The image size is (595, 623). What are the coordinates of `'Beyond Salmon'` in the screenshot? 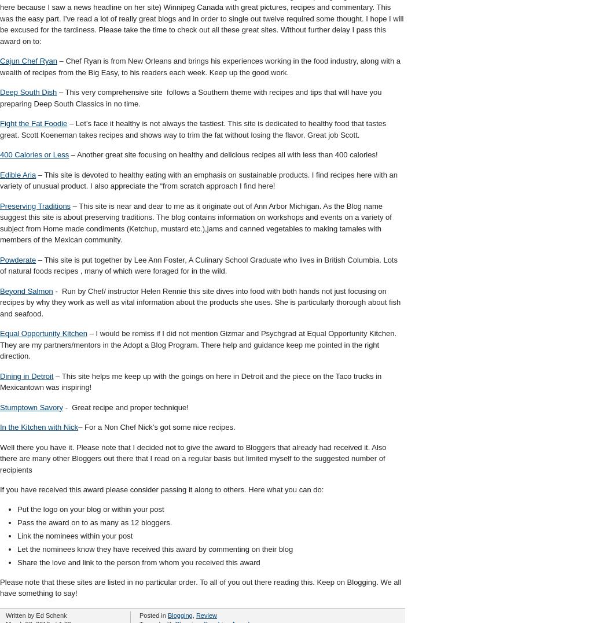 It's located at (26, 290).